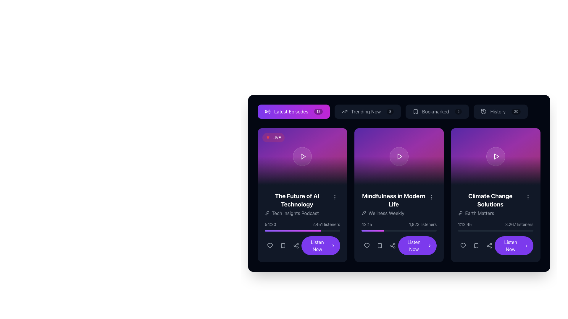 Image resolution: width=568 pixels, height=319 pixels. I want to click on the heart icon located in the third podcast card, so click(463, 246).